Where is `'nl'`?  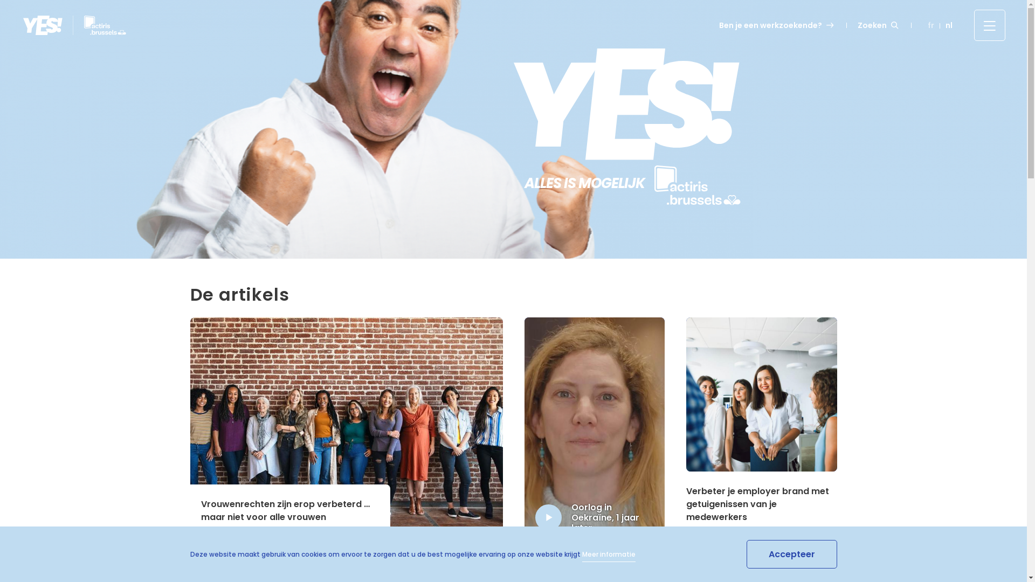 'nl' is located at coordinates (949, 25).